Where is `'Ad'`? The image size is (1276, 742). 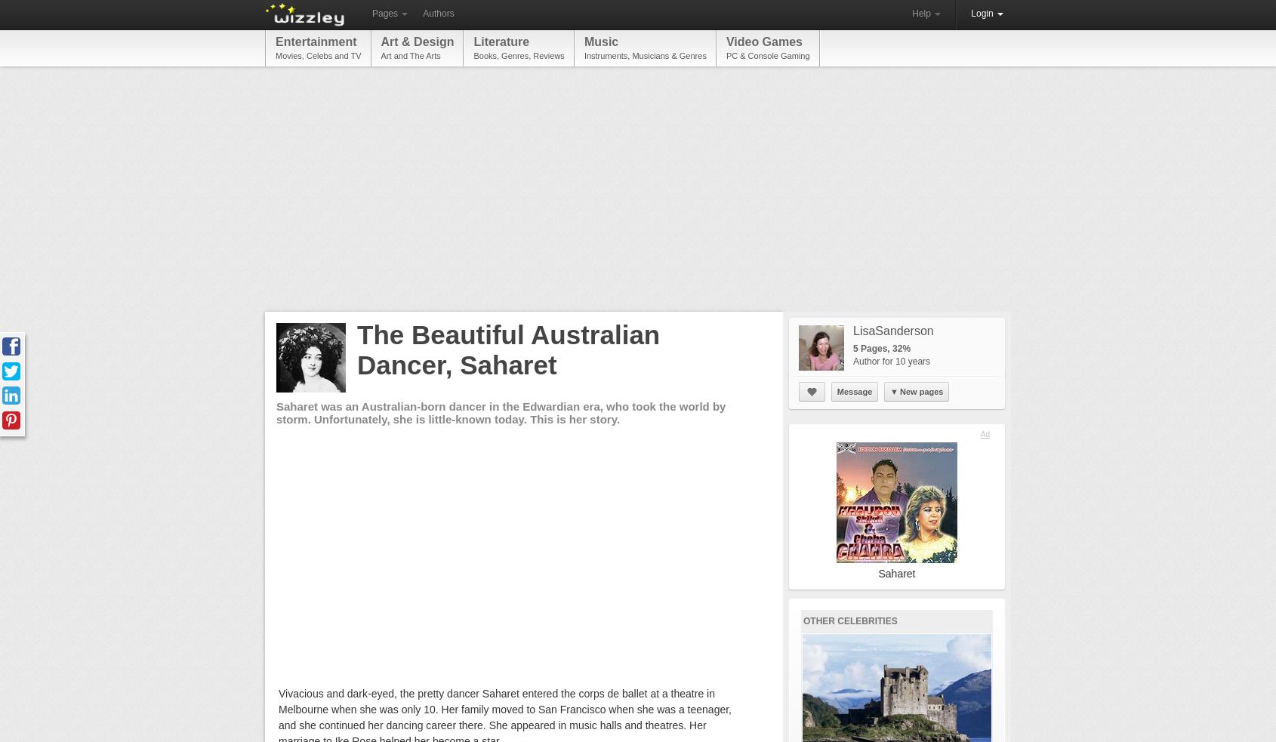
'Ad' is located at coordinates (985, 434).